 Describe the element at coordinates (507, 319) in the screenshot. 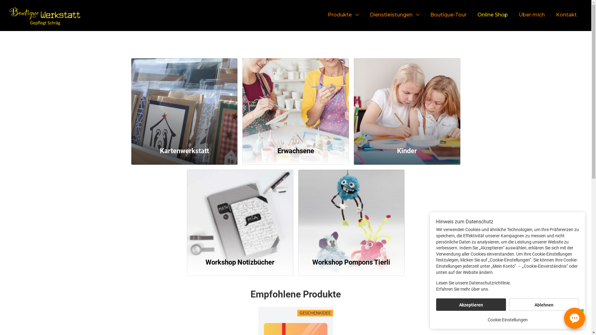

I see `'Cookie-Einstellungen'` at that location.